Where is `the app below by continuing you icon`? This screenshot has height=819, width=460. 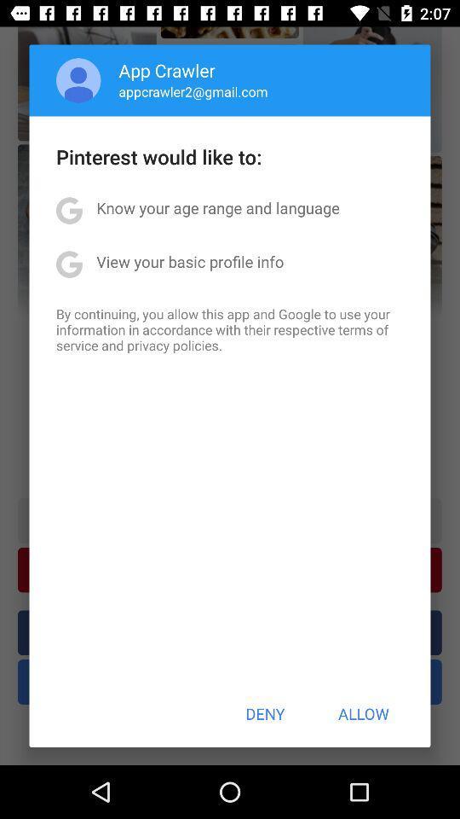 the app below by continuing you icon is located at coordinates (265, 713).